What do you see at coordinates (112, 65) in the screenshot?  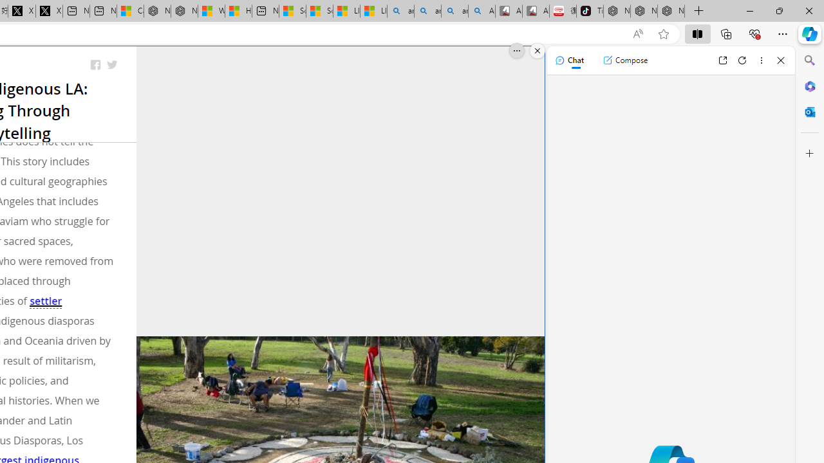 I see `'Share on Twitter'` at bounding box center [112, 65].